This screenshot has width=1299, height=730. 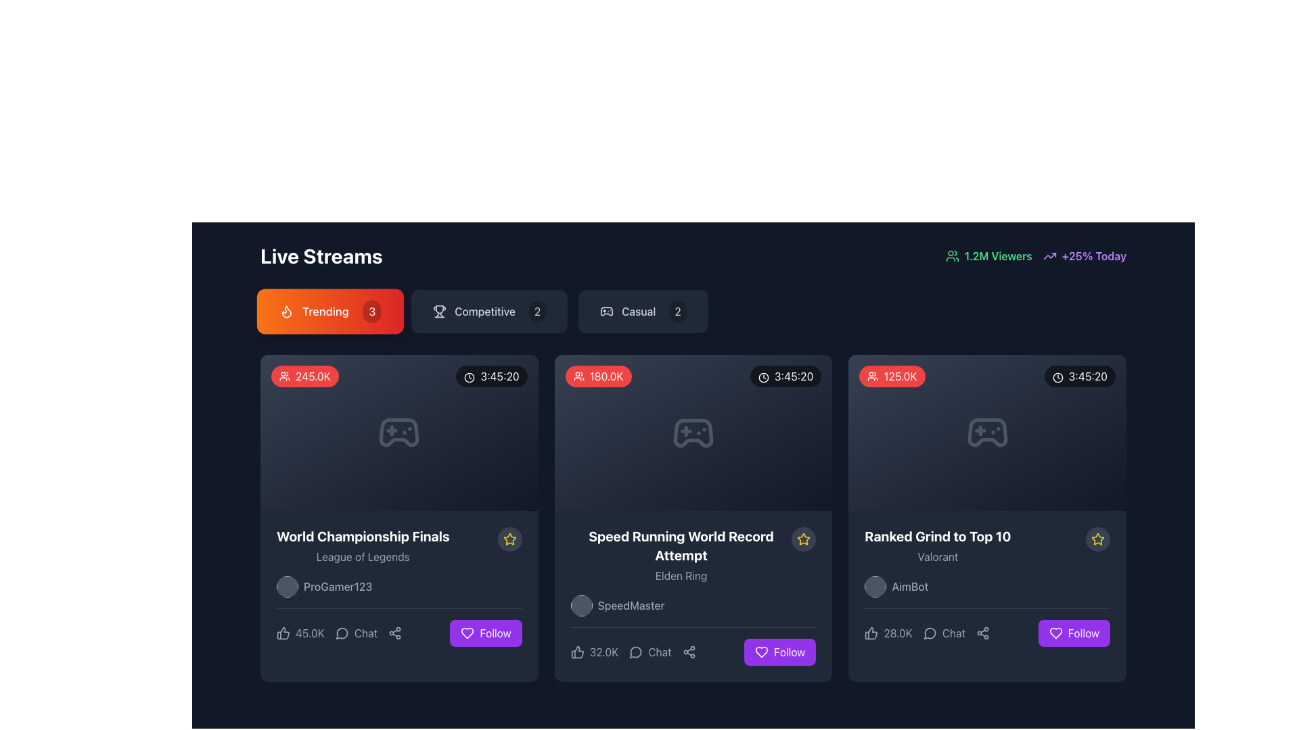 What do you see at coordinates (1083, 633) in the screenshot?
I see `the 'Follow' button located at the bottom right of the card in the third column of the 'Live Streams' section` at bounding box center [1083, 633].